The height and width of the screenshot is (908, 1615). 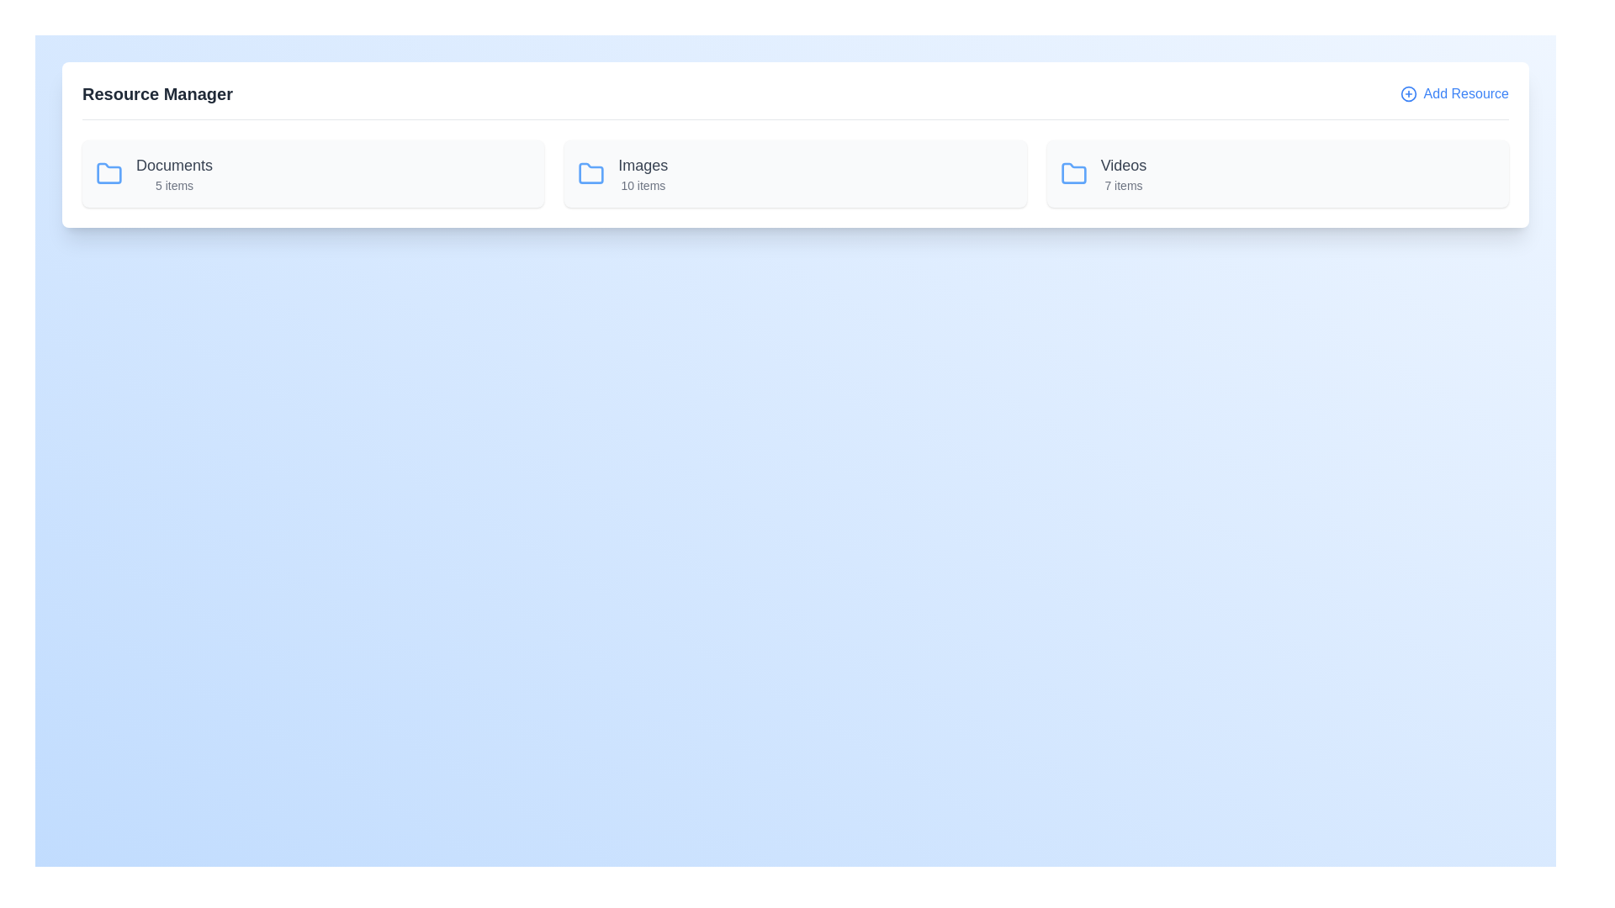 What do you see at coordinates (642, 185) in the screenshot?
I see `text label that displays '10 items', which is styled in a small gray font and located directly below the 'Images' heading in the interface` at bounding box center [642, 185].